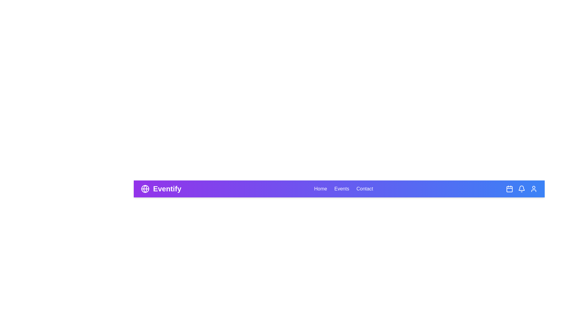 The height and width of the screenshot is (327, 581). What do you see at coordinates (533, 189) in the screenshot?
I see `the user icon to access user settings or profile` at bounding box center [533, 189].